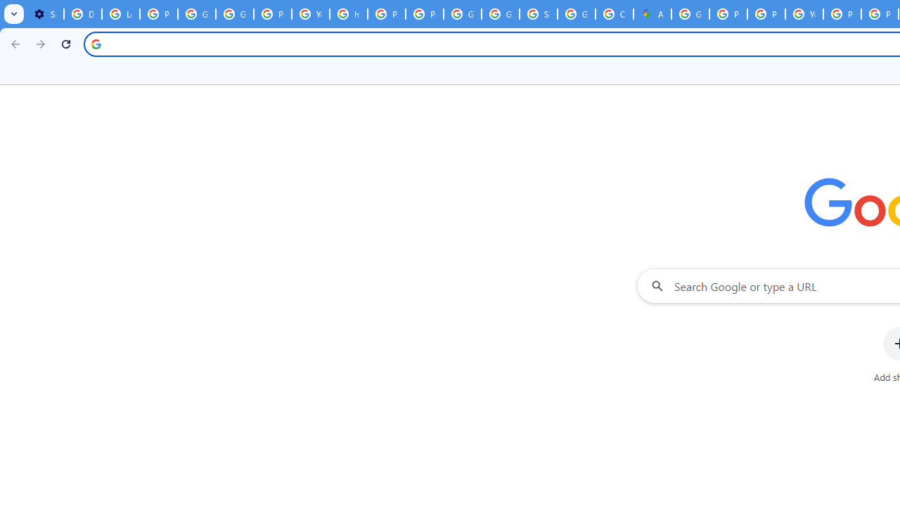 The image size is (900, 506). Describe the element at coordinates (804, 14) in the screenshot. I see `'YouTube'` at that location.